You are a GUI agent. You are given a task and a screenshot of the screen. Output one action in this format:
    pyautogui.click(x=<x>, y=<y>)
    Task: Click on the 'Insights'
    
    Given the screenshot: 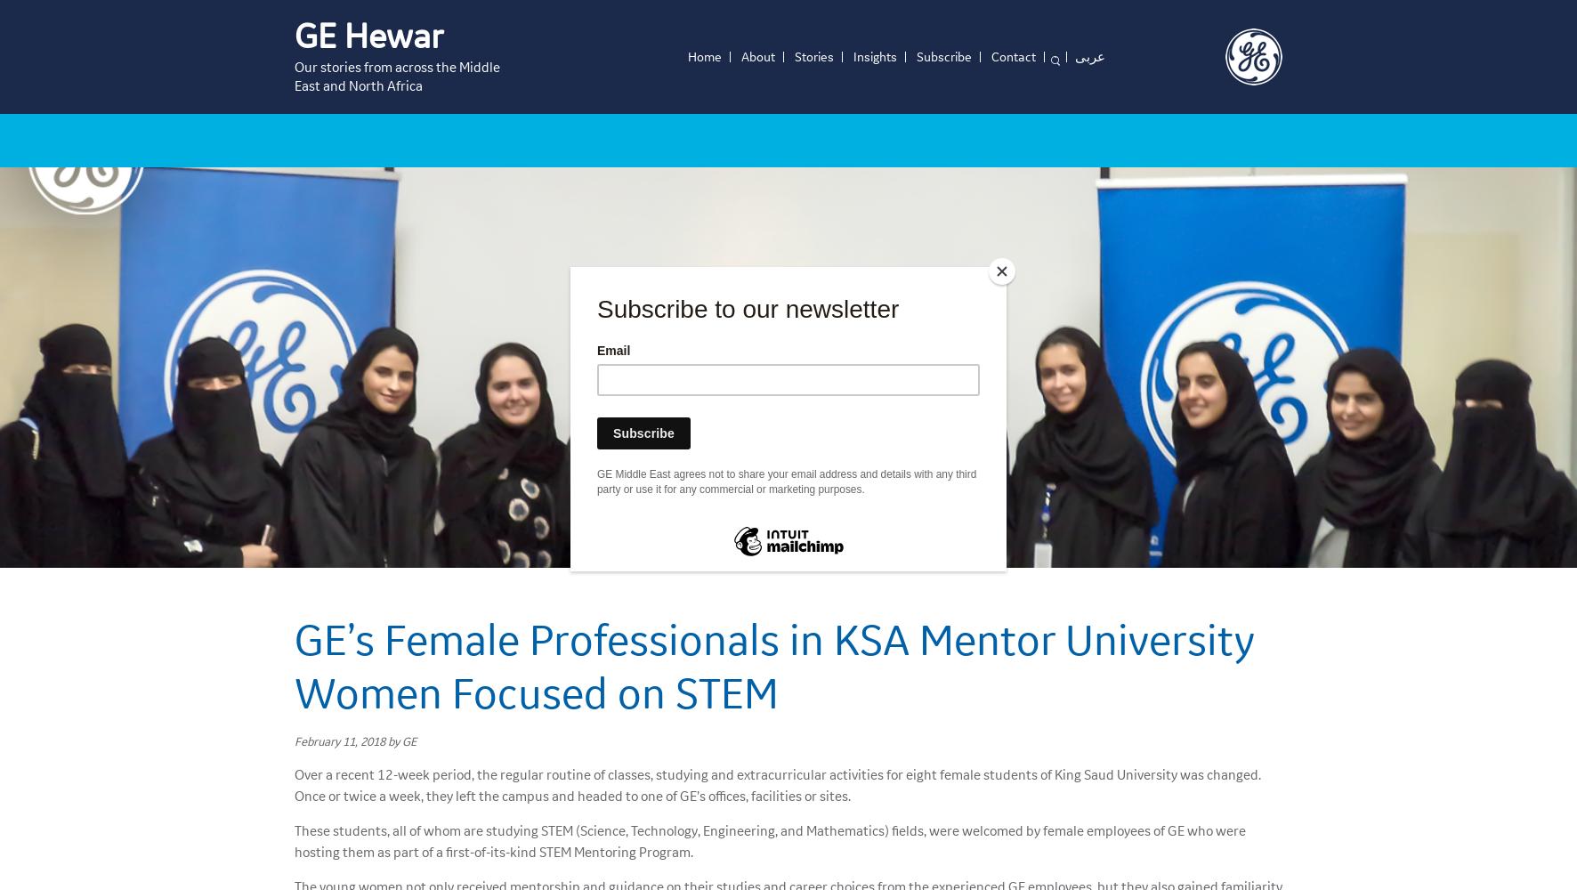 What is the action you would take?
    pyautogui.click(x=853, y=55)
    